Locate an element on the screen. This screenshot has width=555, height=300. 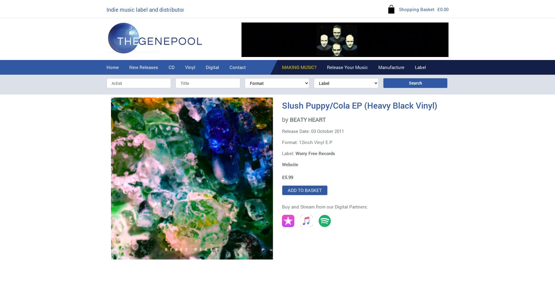
'Buy and Stream from our Digital Partners:' is located at coordinates (281, 206).